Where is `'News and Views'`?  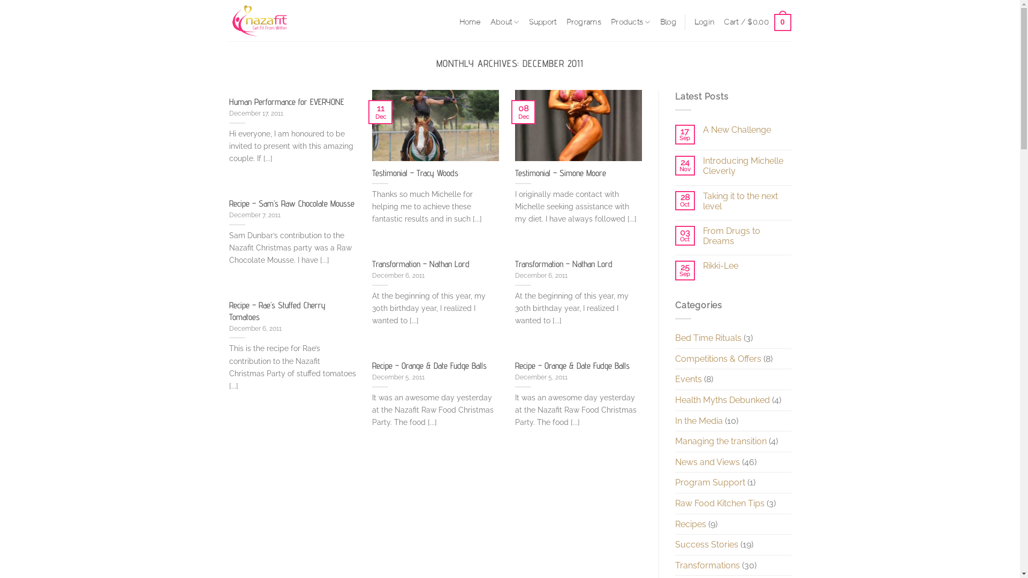
'News and Views' is located at coordinates (707, 462).